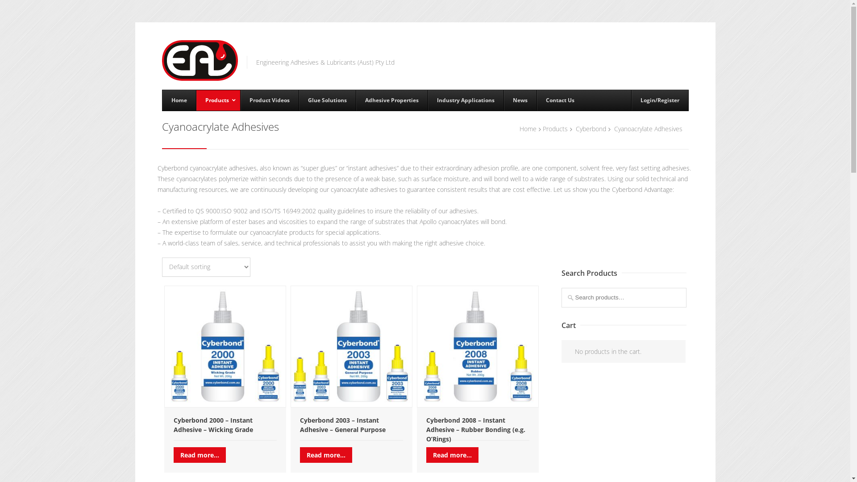 The height and width of the screenshot is (482, 857). What do you see at coordinates (240, 100) in the screenshot?
I see `'Product Videos'` at bounding box center [240, 100].